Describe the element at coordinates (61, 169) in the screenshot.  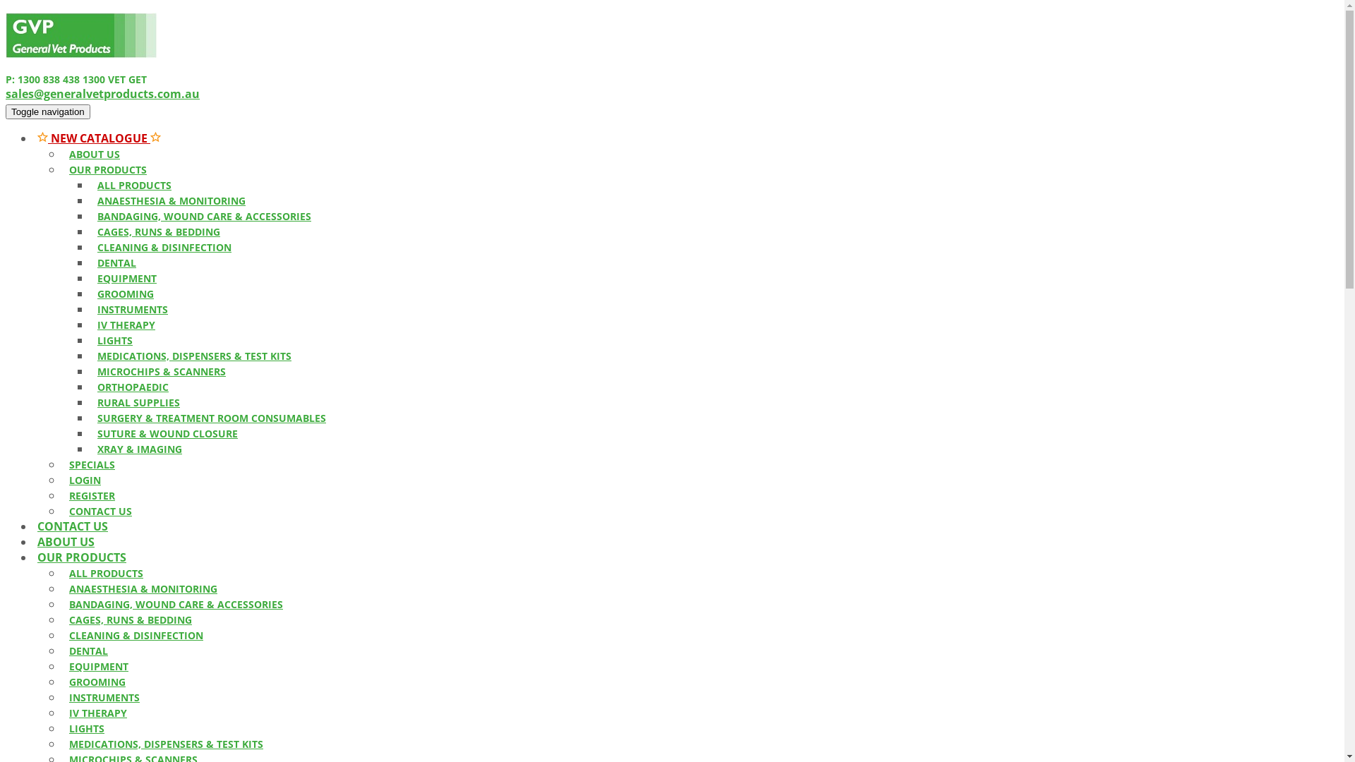
I see `'OUR PRODUCTS'` at that location.